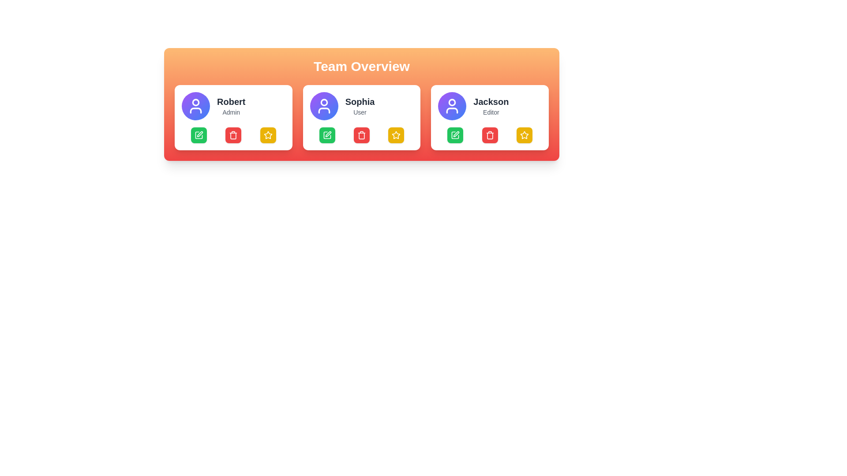 This screenshot has width=847, height=476. Describe the element at coordinates (362, 66) in the screenshot. I see `the large bold text reading 'Team Overview' that is centered in a gradient background section, positioned above the grid of team member cards` at that location.